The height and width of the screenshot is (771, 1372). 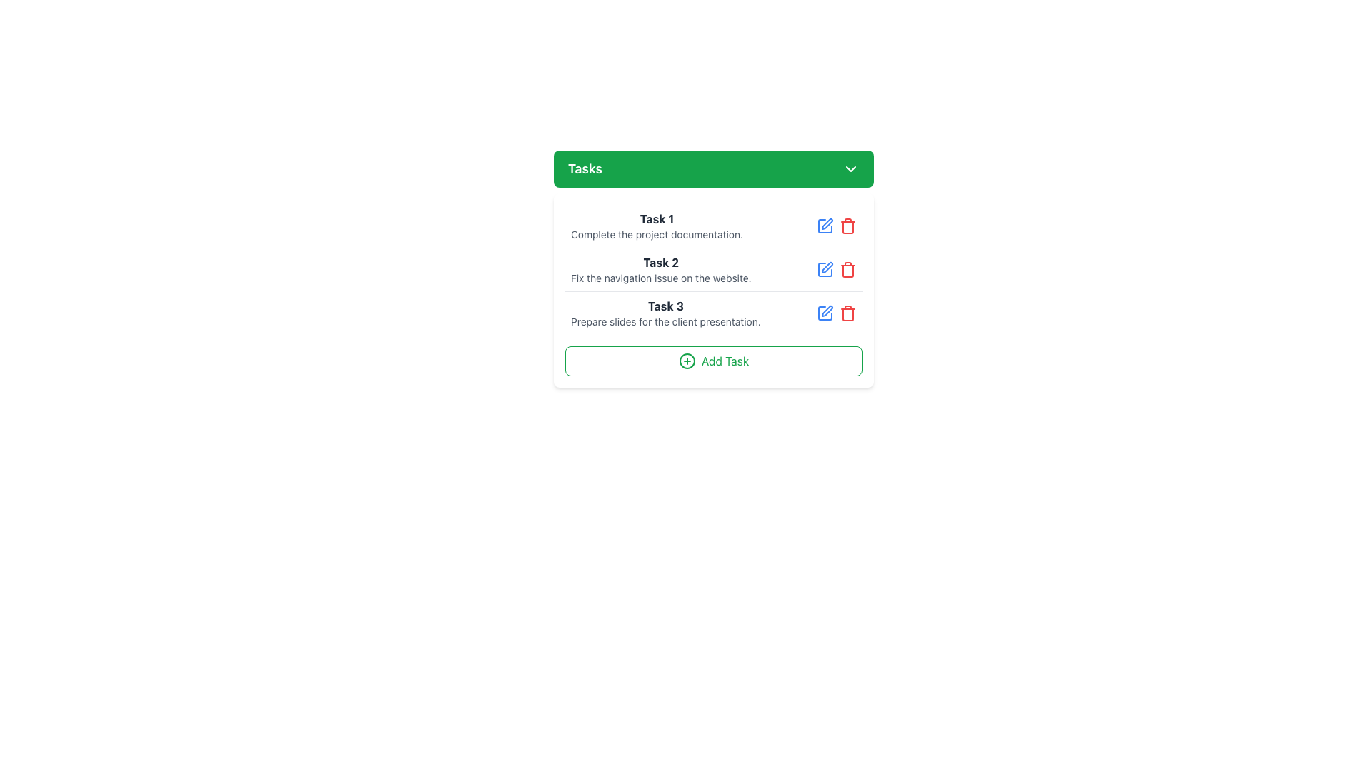 What do you see at coordinates (837, 270) in the screenshot?
I see `the red delete icon in the upper-right corner of the task action buttons` at bounding box center [837, 270].